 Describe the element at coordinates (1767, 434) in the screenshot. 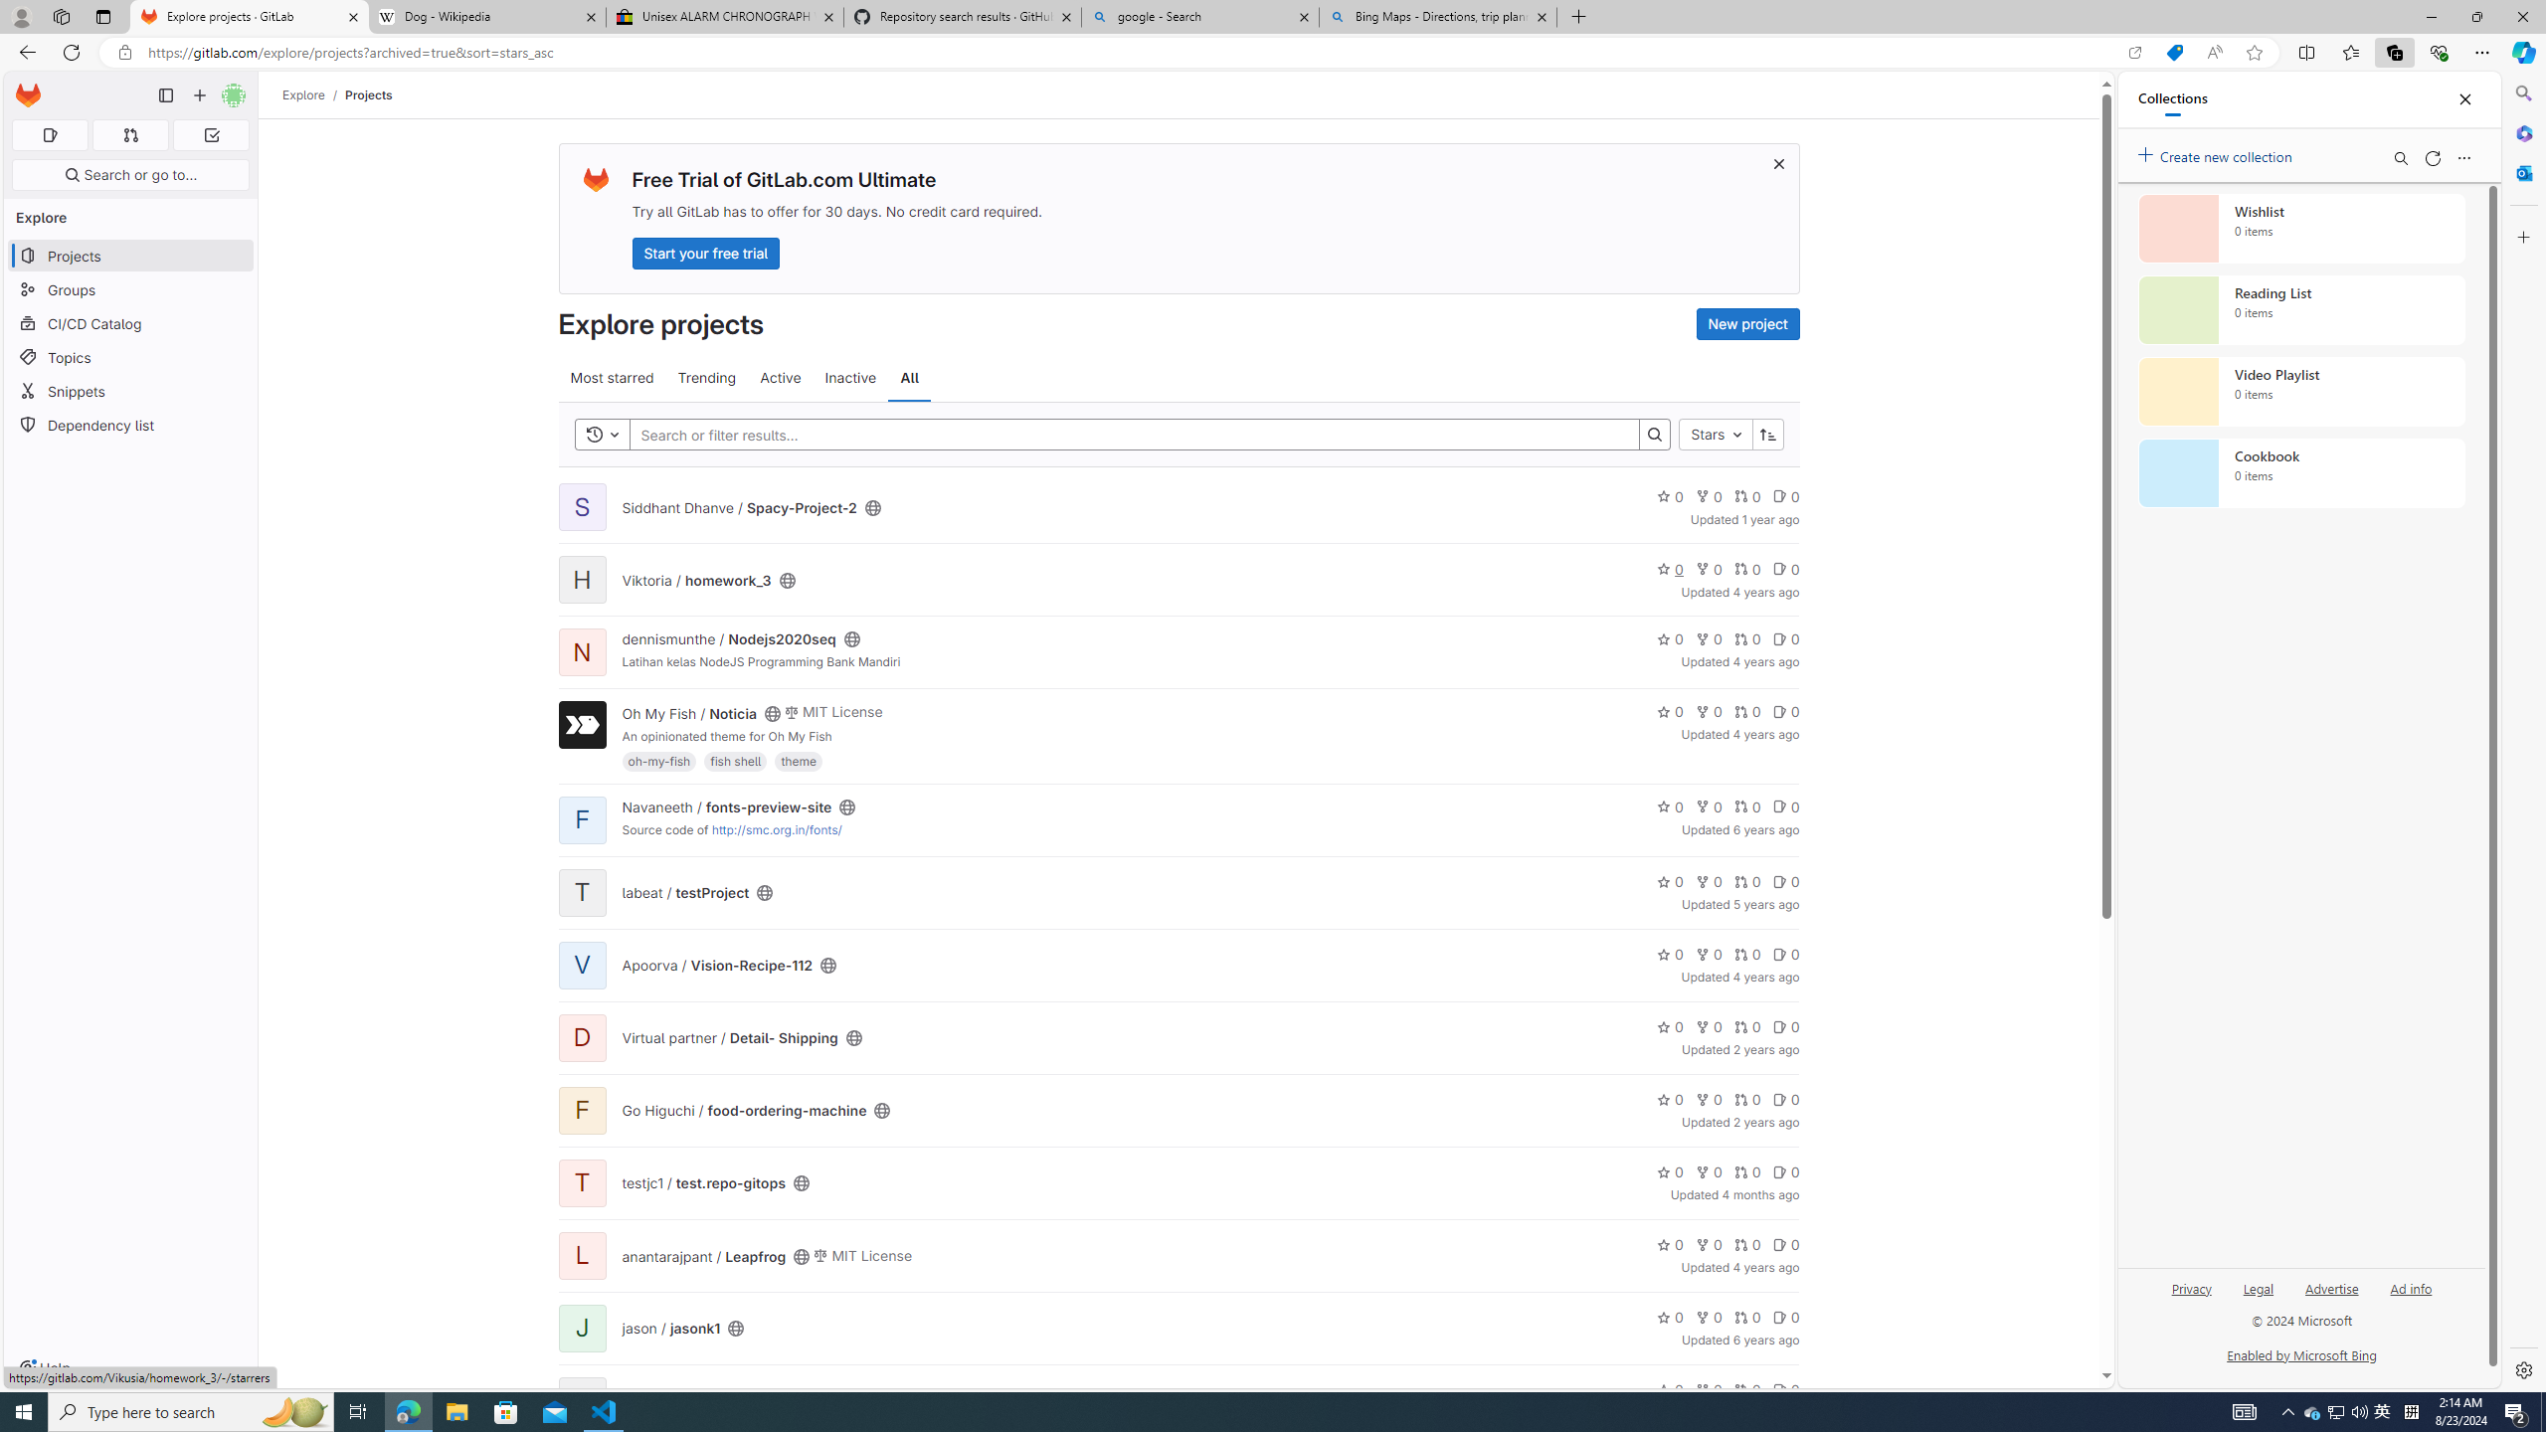

I see `'Sort direction: Ascending'` at that location.